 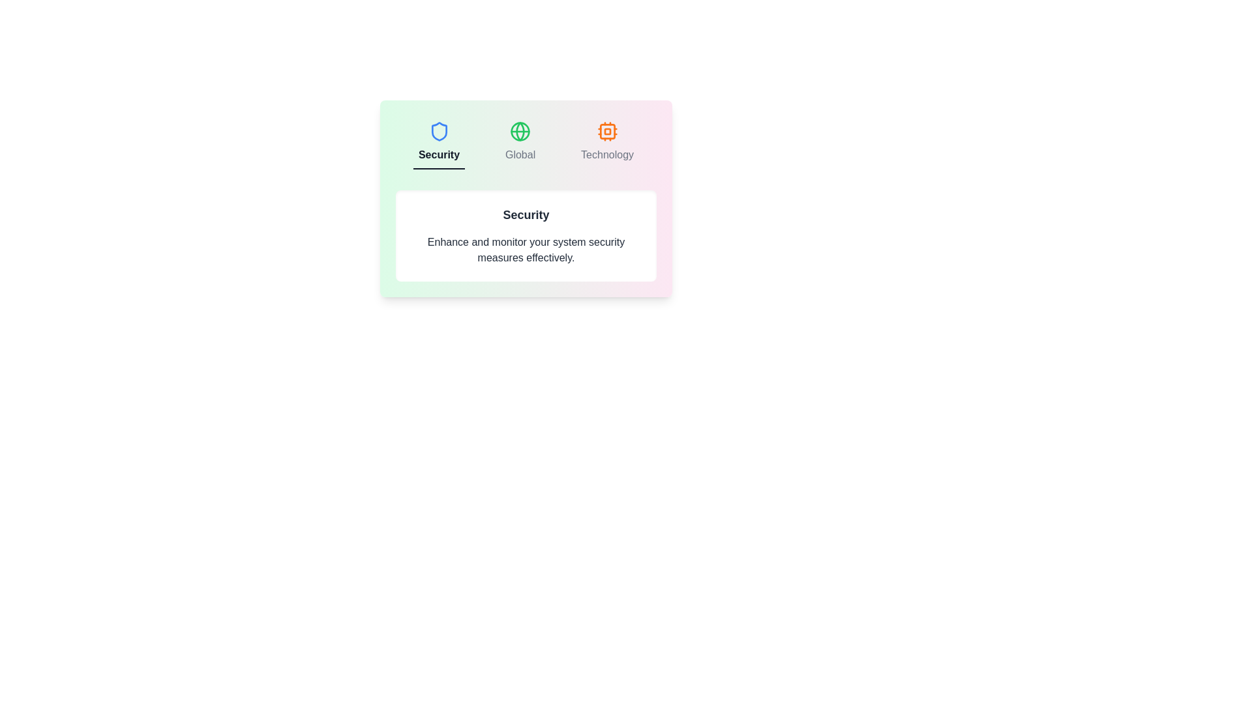 What do you see at coordinates (606, 143) in the screenshot?
I see `the Technology tab` at bounding box center [606, 143].